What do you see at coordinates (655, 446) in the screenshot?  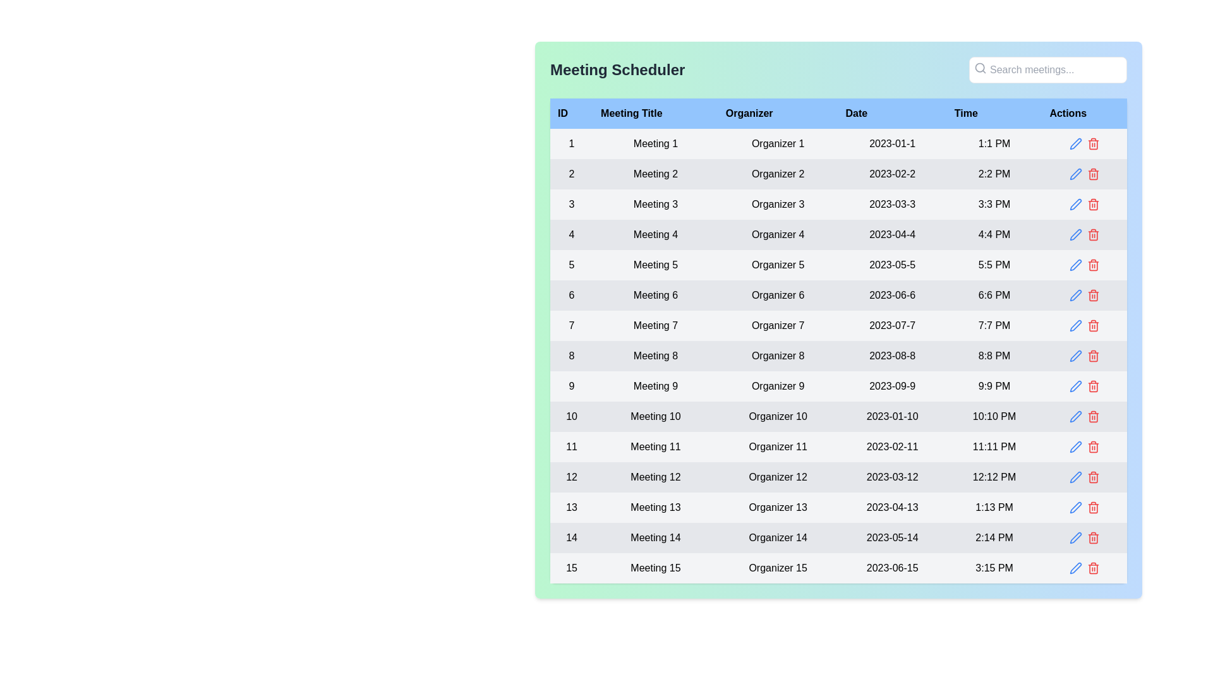 I see `the 'Meeting Title' text label located in the 11th row of the scheduling table, positioned between the 'ID' and 'Organizer' columns` at bounding box center [655, 446].